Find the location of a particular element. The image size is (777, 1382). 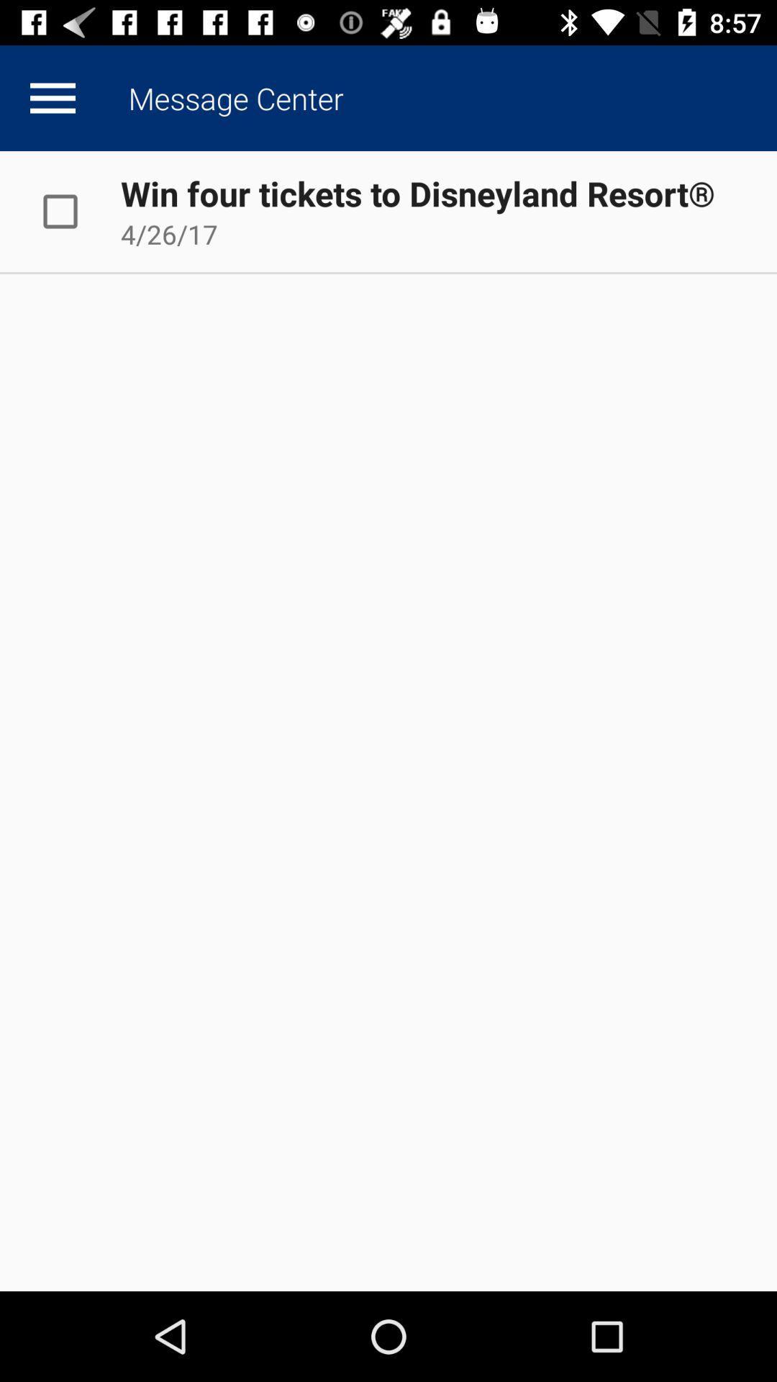

item to the left of win four tickets is located at coordinates (75, 210).